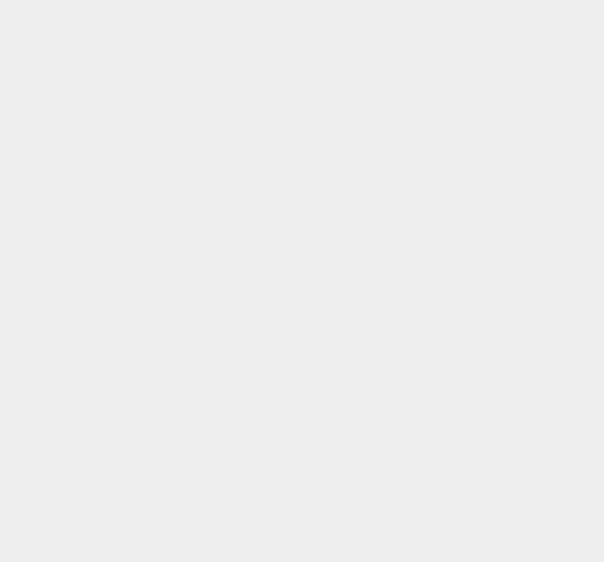  What do you see at coordinates (10, 94) in the screenshot?
I see `'The Impact of Social Media on Search Engines:'` at bounding box center [10, 94].